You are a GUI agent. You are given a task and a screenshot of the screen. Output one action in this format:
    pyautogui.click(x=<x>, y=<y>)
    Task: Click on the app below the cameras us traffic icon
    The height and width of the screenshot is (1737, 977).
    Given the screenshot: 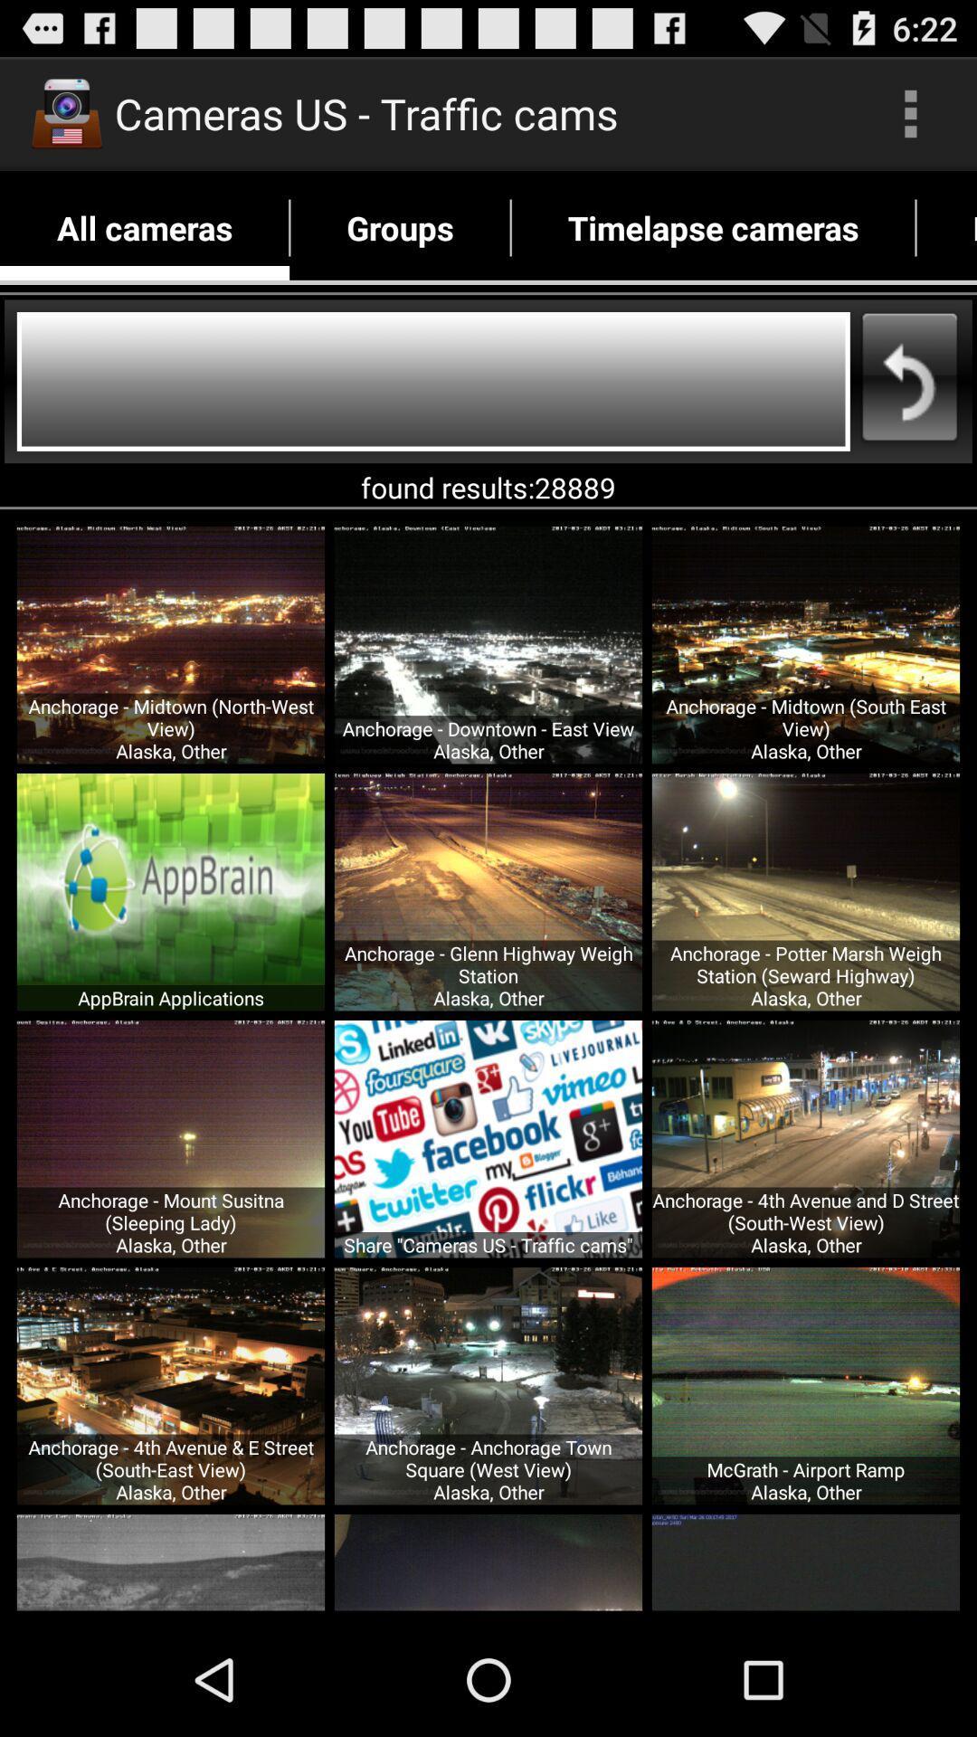 What is the action you would take?
    pyautogui.click(x=399, y=227)
    